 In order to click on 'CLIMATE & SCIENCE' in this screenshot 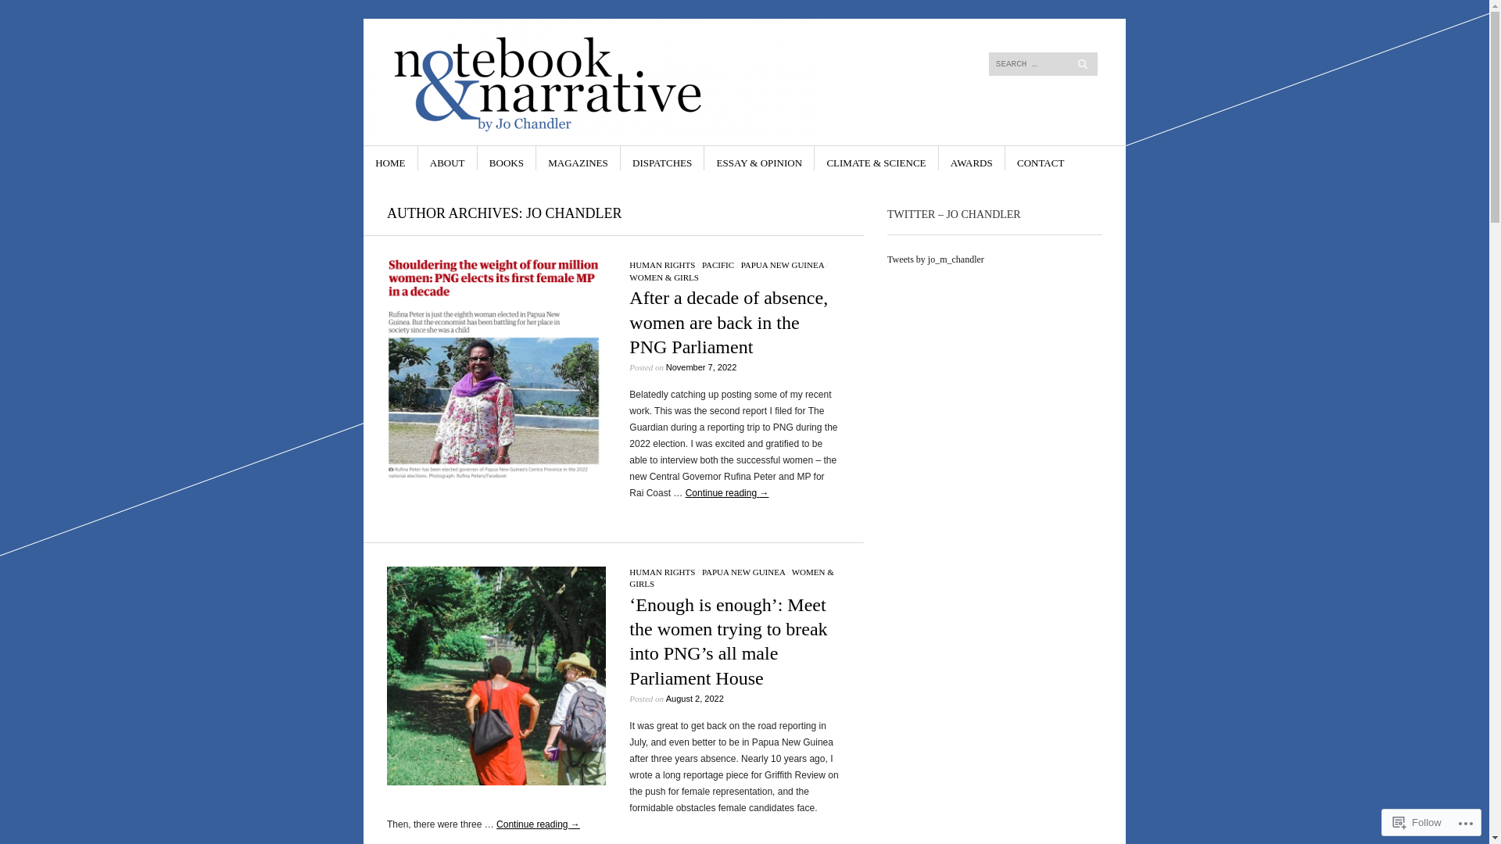, I will do `click(876, 158)`.